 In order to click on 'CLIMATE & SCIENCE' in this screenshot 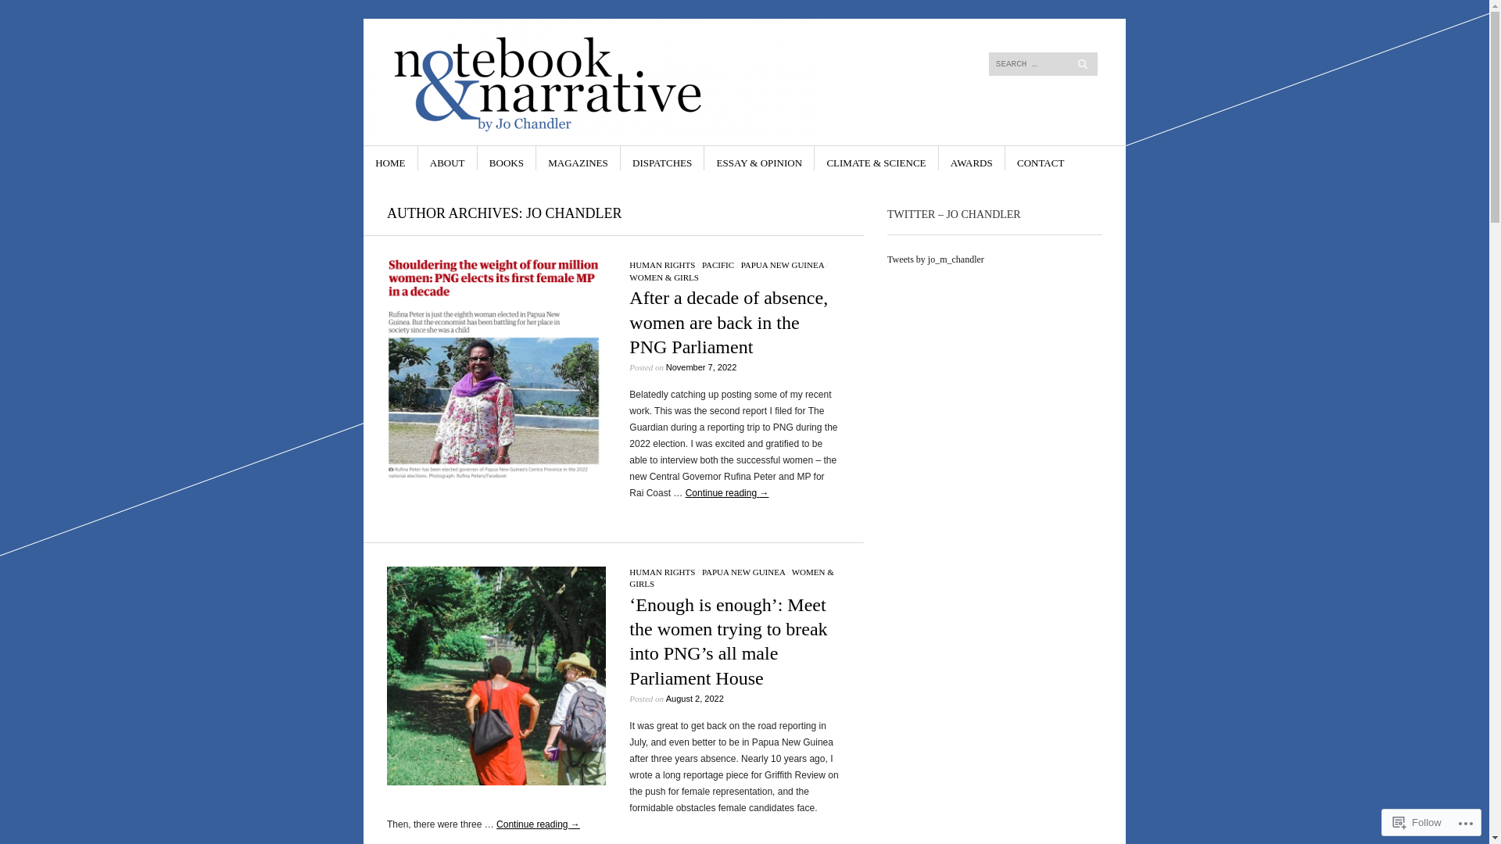, I will do `click(876, 158)`.